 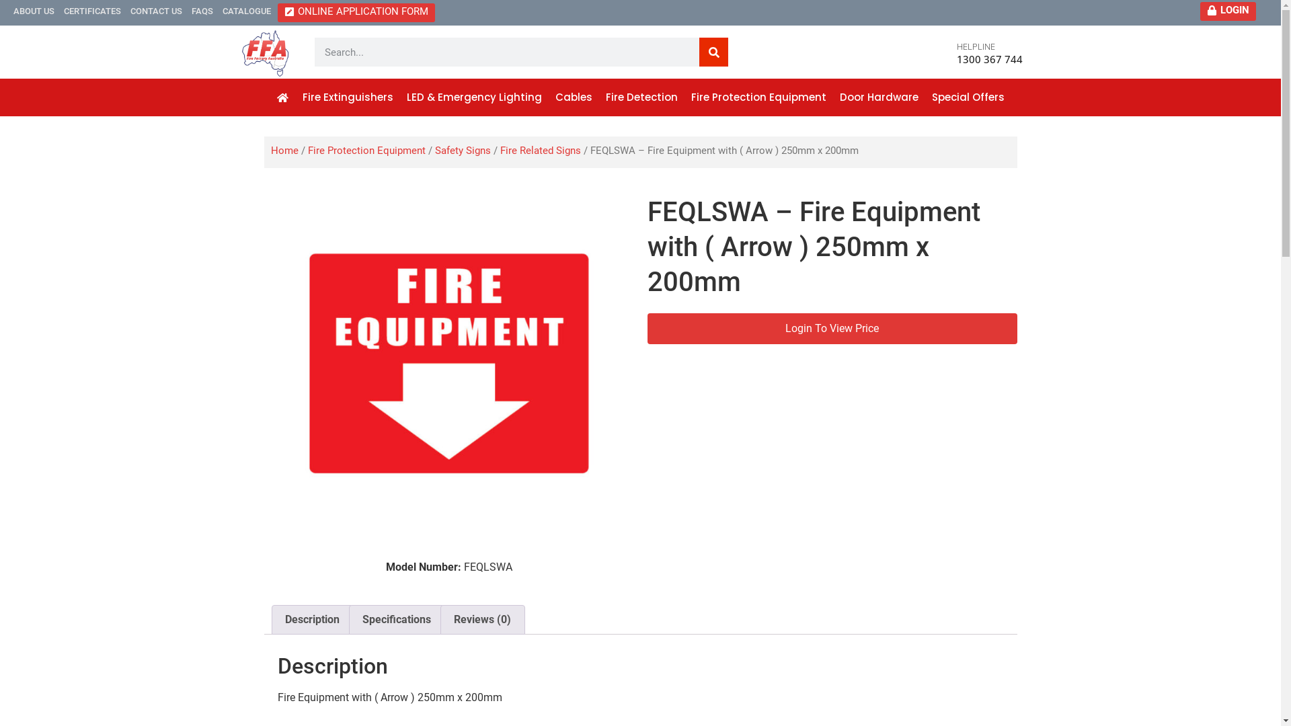 I want to click on 'Special Offers', so click(x=968, y=97).